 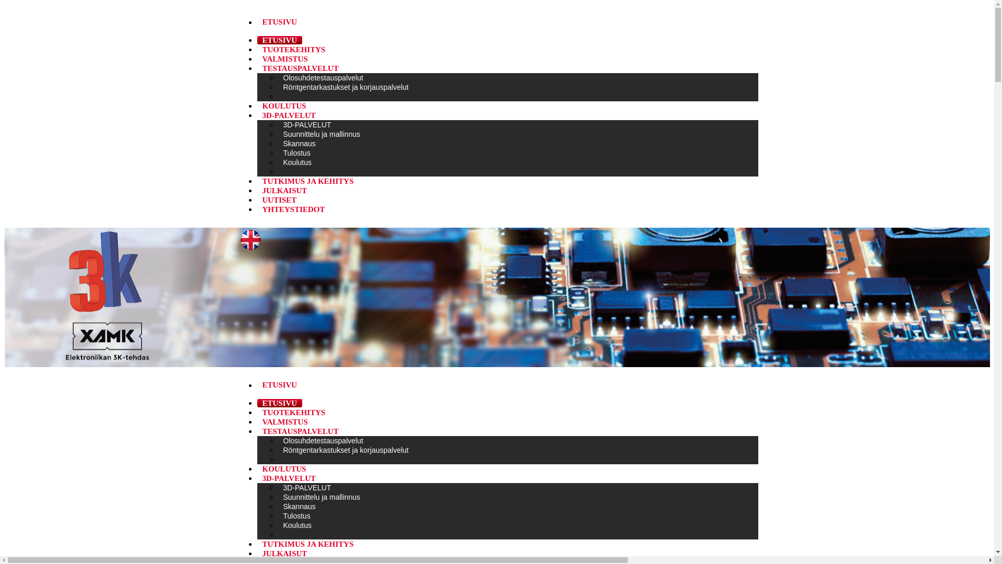 I want to click on '3D-PALVELUT', so click(x=306, y=124).